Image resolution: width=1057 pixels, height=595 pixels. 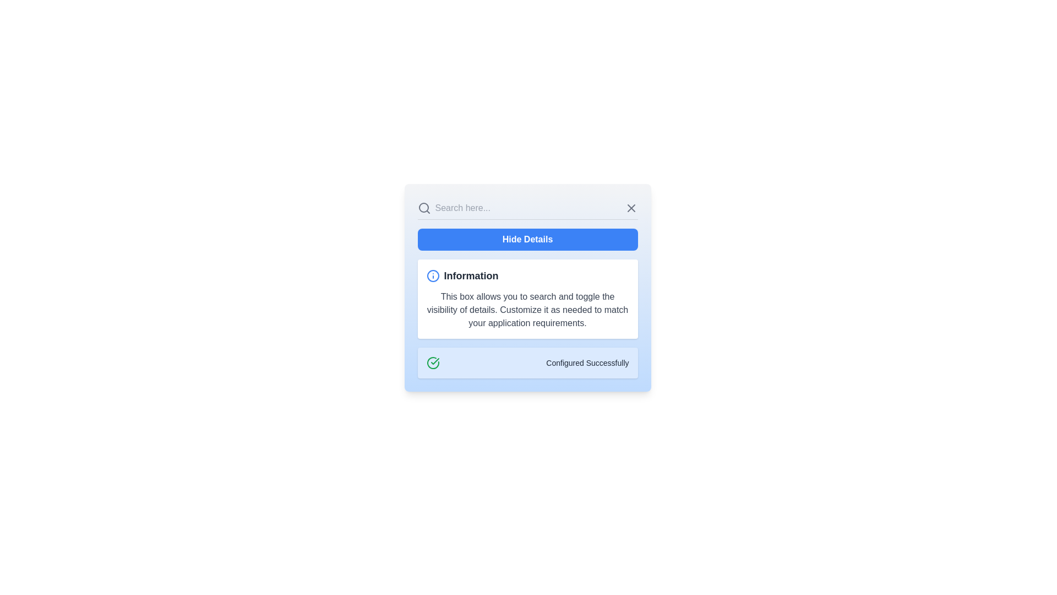 I want to click on the circular icon with a blue border and white inner background, which serves as an informational indicator, located next to the 'Information' text, so click(x=432, y=275).